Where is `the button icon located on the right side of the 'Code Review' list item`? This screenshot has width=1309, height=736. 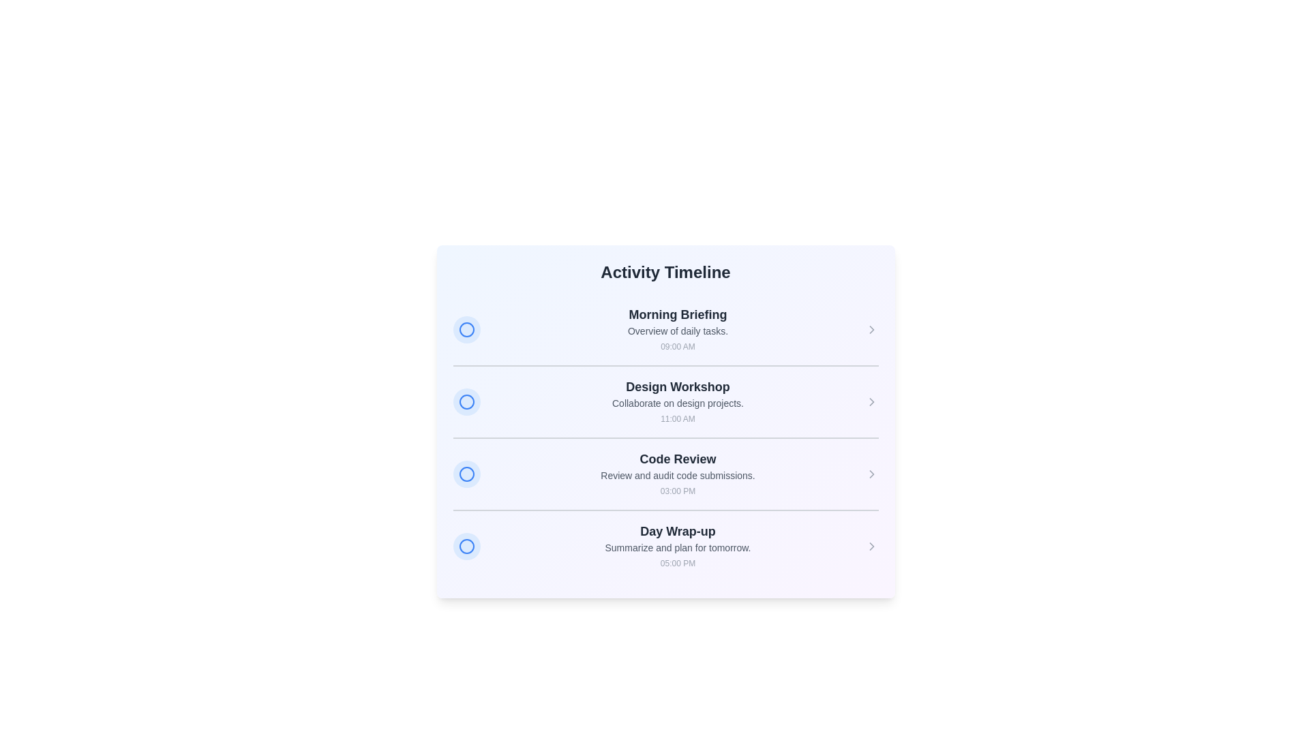 the button icon located on the right side of the 'Code Review' list item is located at coordinates (871, 473).